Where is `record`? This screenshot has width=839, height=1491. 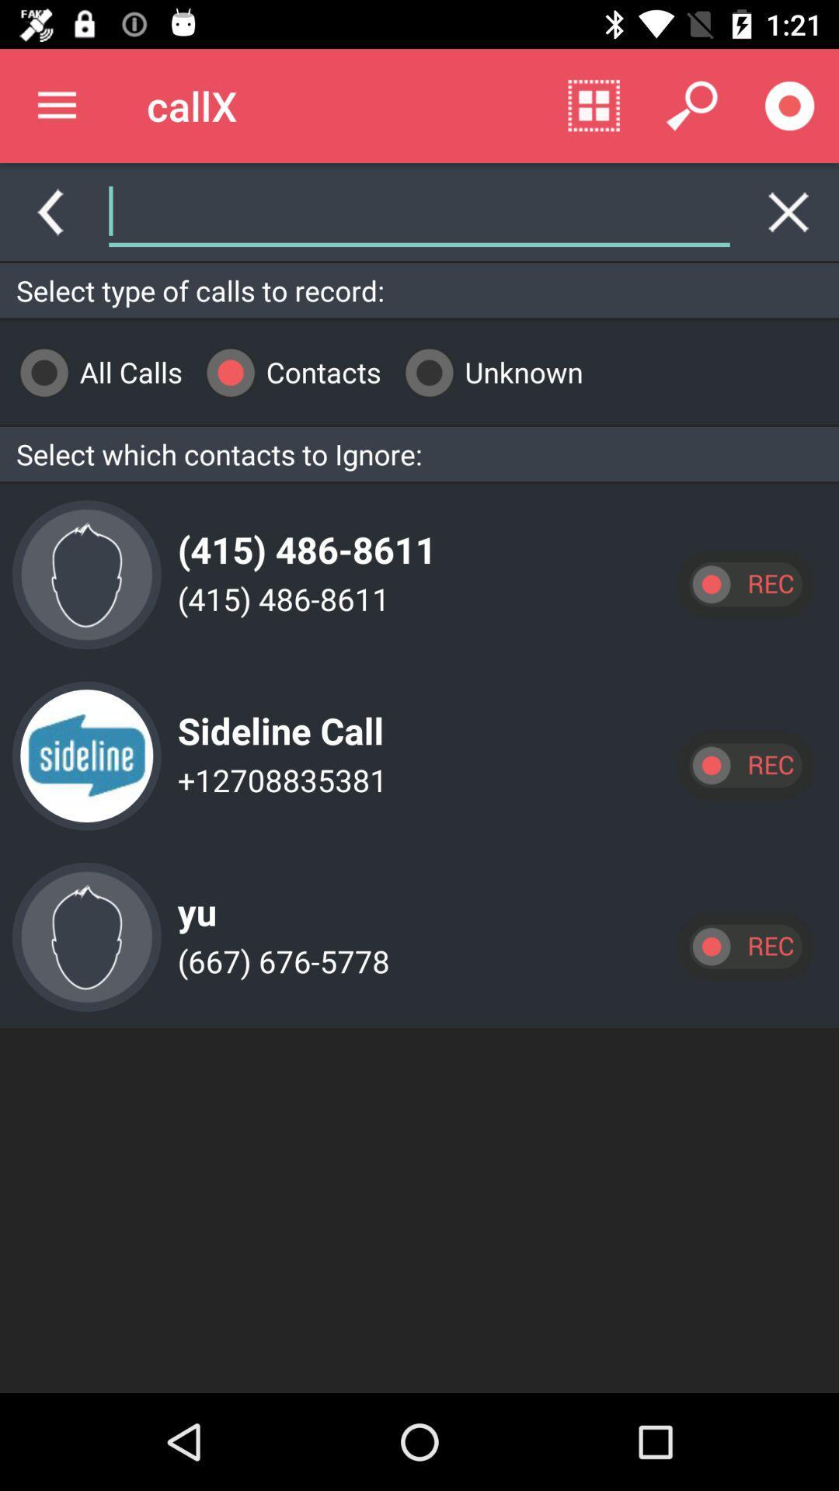
record is located at coordinates (744, 765).